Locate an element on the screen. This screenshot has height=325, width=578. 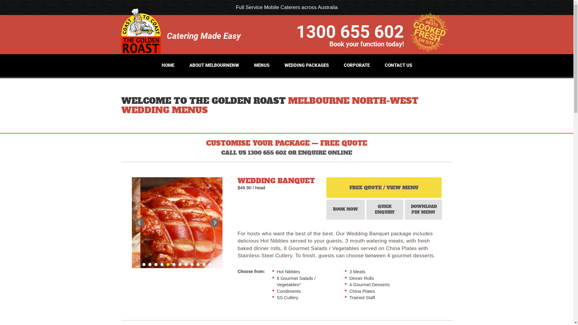
'8' is located at coordinates (186, 264).